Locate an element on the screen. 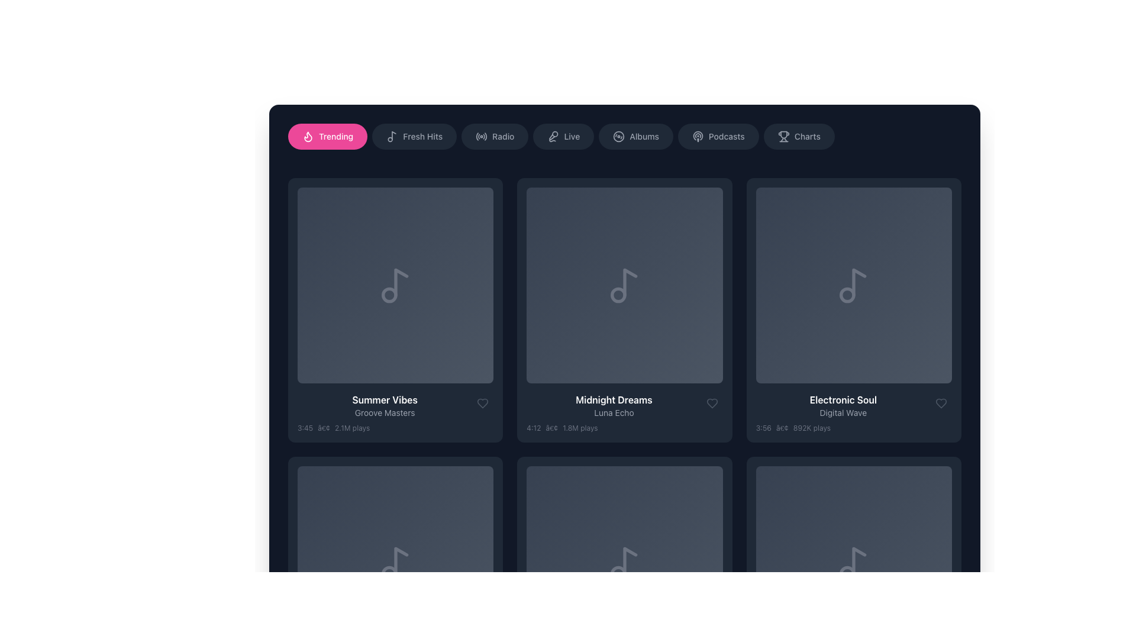  the plain text element displaying the number of plays for the 'Electronic Soul' track, located to the right of the '•' separator and following the '3:56' text is located at coordinates (811, 428).